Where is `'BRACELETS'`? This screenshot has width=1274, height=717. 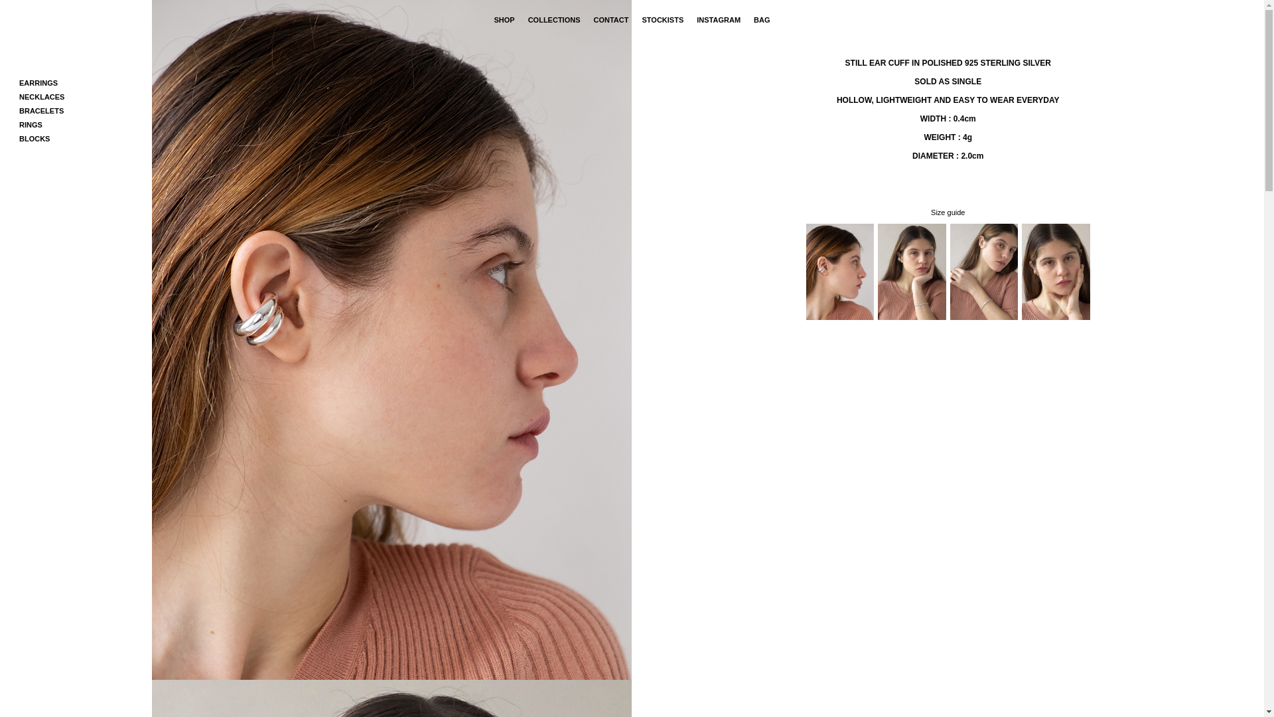 'BRACELETS' is located at coordinates (41, 110).